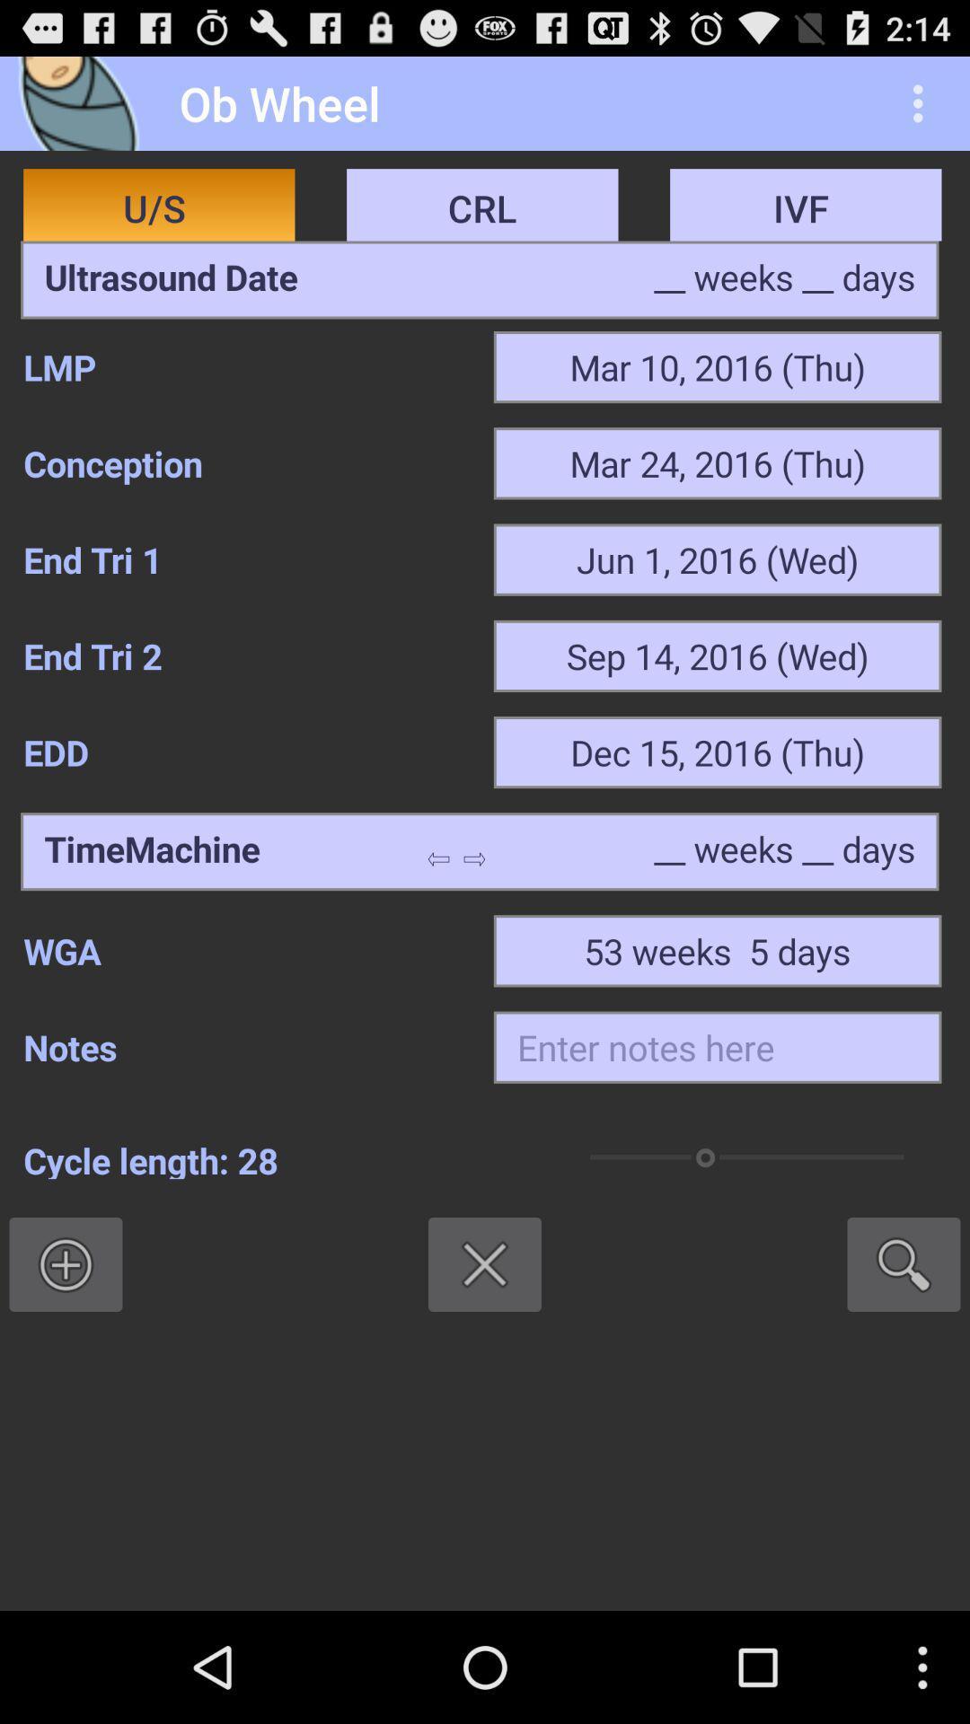 This screenshot has width=970, height=1724. Describe the element at coordinates (717, 950) in the screenshot. I see `item to the right of wga` at that location.